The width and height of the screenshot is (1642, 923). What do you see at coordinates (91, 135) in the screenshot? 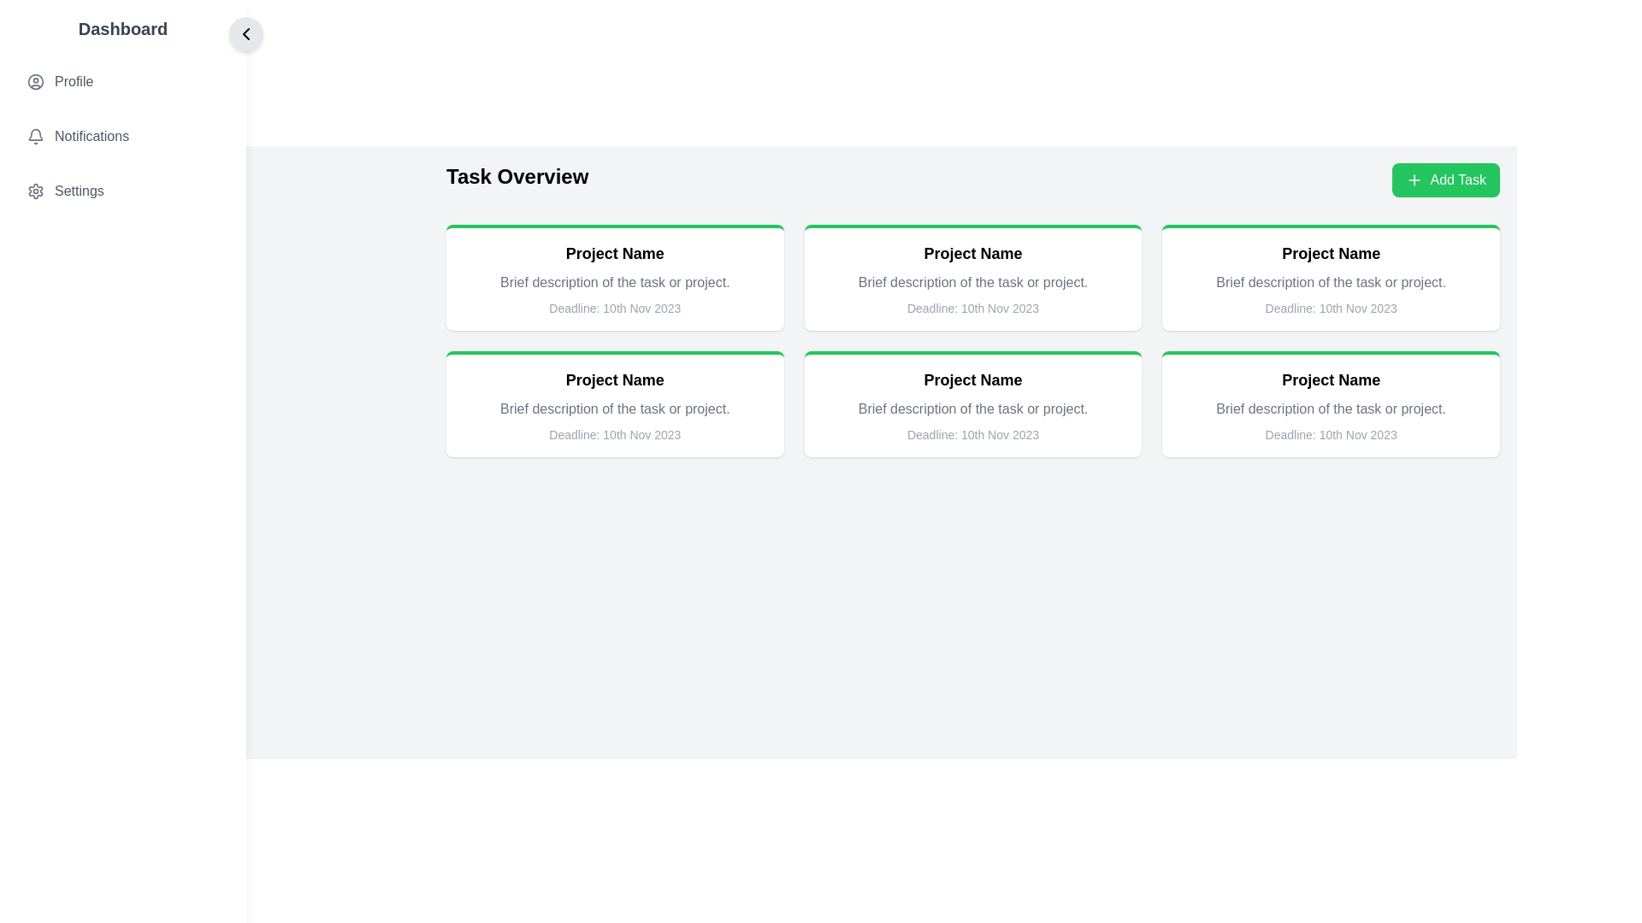
I see `the 'Notifications' text label, which is the second item in the vertical menu on the left side of the interface, located below the 'Profile' item and above the 'Settings' item` at bounding box center [91, 135].